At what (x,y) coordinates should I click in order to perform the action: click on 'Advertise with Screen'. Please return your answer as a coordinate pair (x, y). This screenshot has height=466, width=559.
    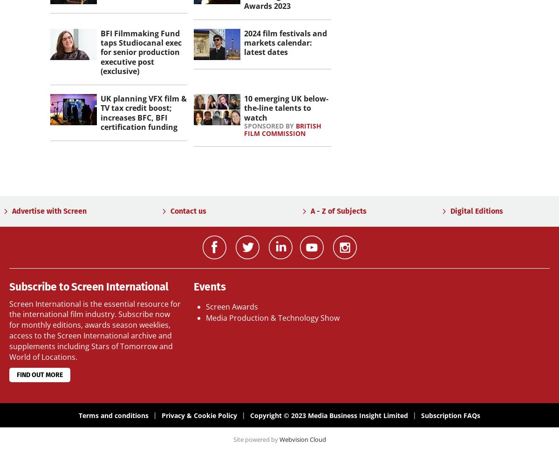
    Looking at the image, I should click on (12, 210).